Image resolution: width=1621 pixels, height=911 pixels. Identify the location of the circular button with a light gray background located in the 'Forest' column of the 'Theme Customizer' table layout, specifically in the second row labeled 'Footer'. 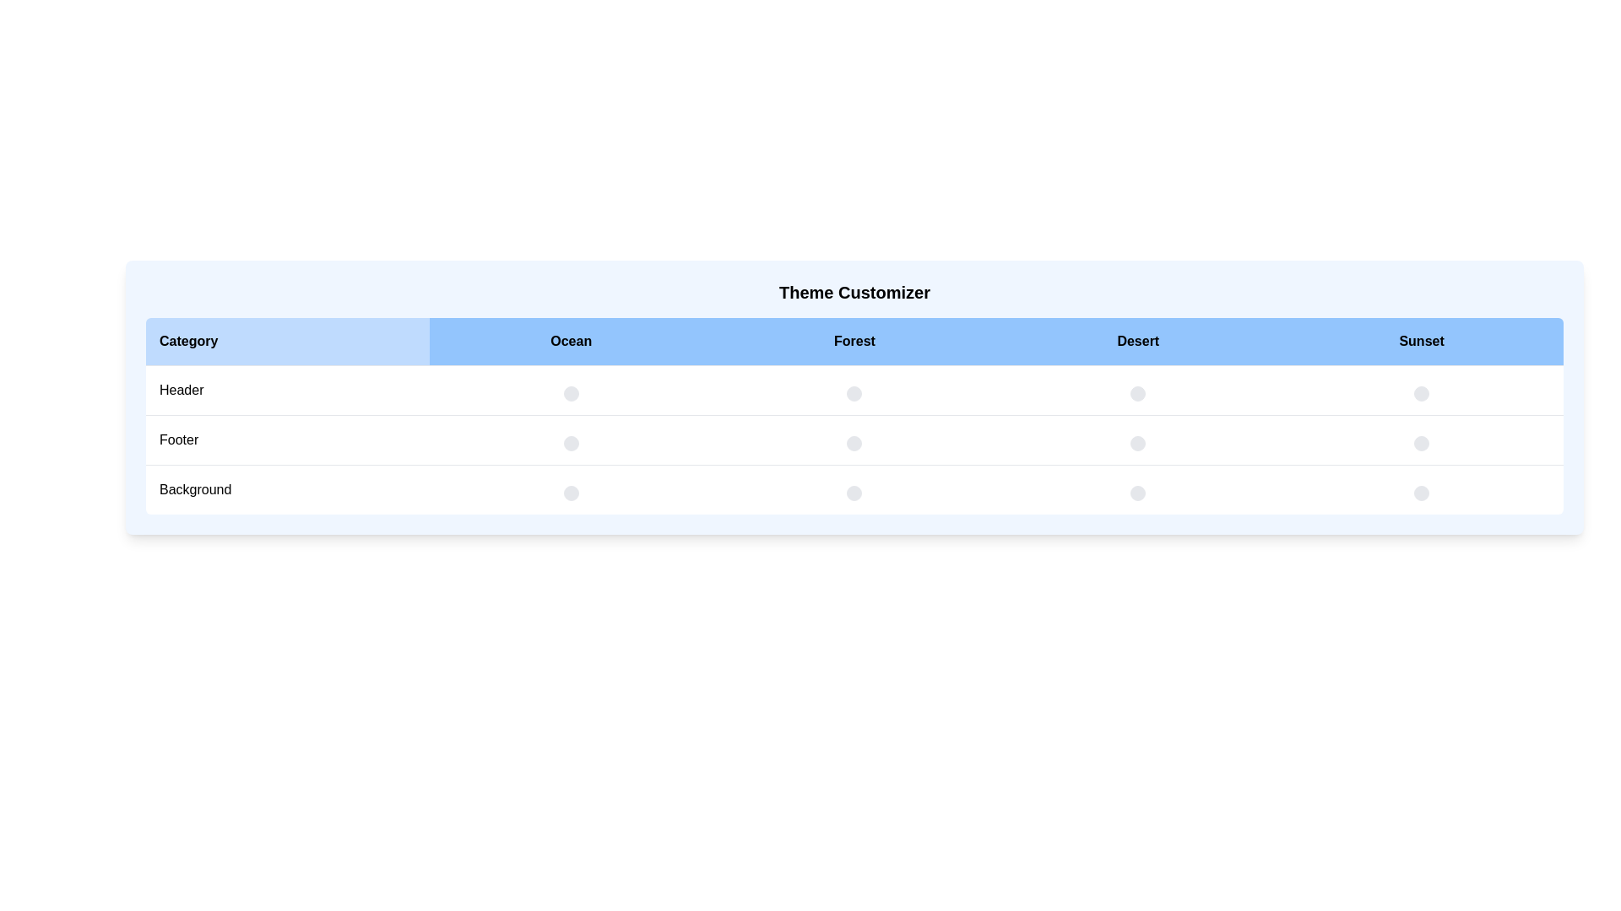
(854, 393).